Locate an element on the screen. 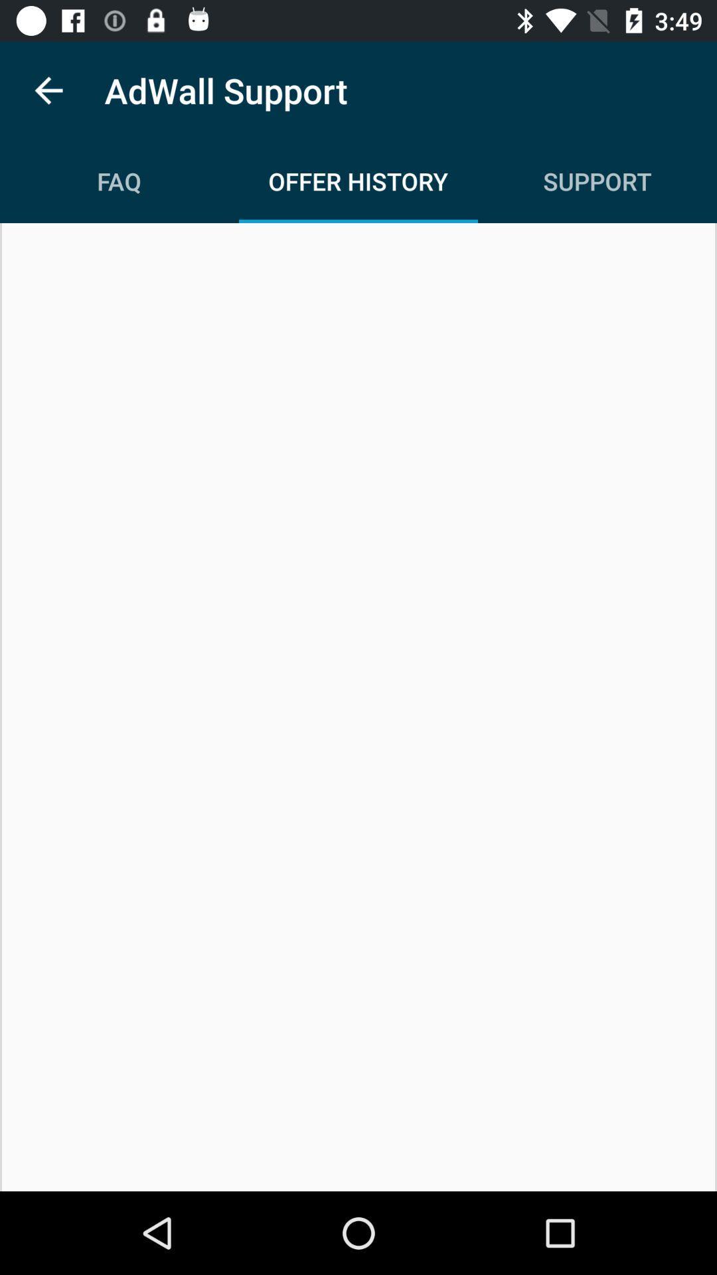  icon next to the adwall support icon is located at coordinates (48, 90).